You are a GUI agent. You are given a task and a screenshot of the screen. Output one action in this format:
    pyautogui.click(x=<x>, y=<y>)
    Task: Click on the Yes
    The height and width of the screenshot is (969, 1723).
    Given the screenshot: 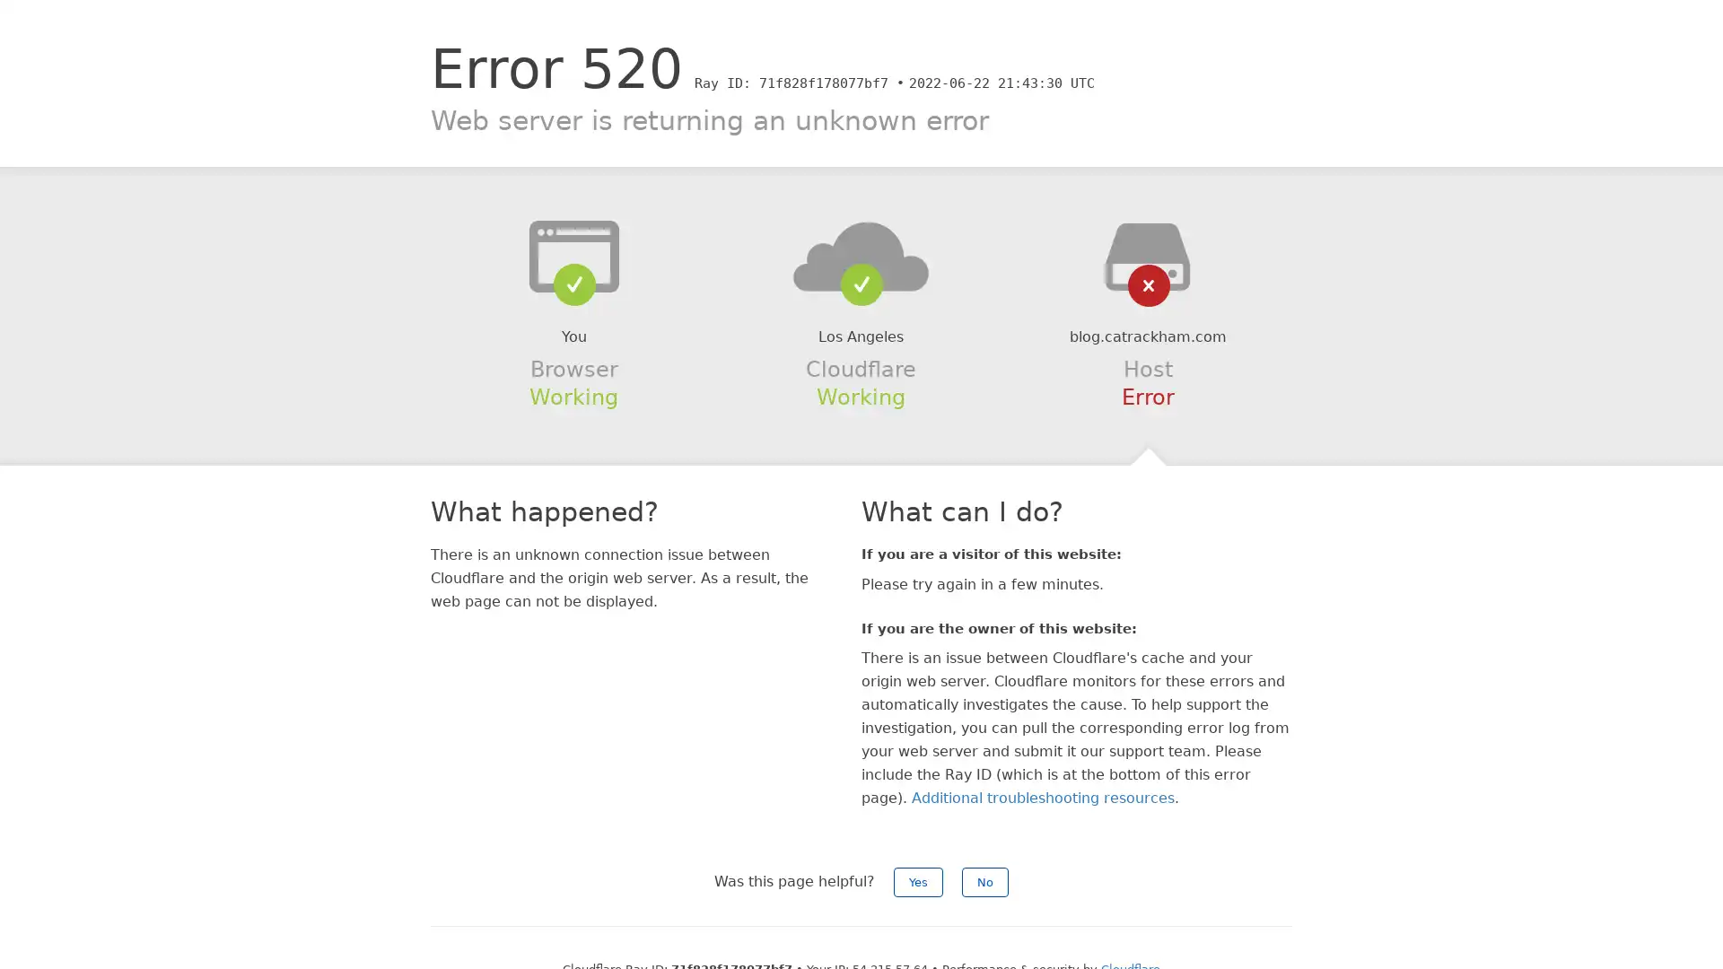 What is the action you would take?
    pyautogui.click(x=918, y=881)
    